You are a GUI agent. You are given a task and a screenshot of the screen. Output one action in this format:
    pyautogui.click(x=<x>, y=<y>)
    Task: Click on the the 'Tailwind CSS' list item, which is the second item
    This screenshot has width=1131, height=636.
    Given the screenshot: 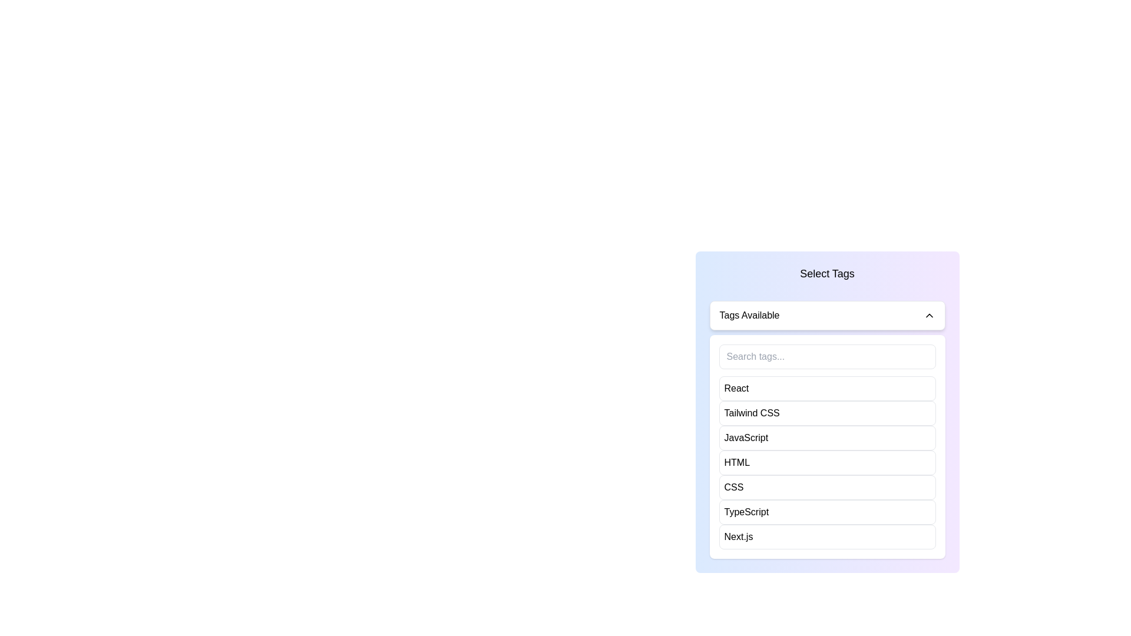 What is the action you would take?
    pyautogui.click(x=826, y=413)
    